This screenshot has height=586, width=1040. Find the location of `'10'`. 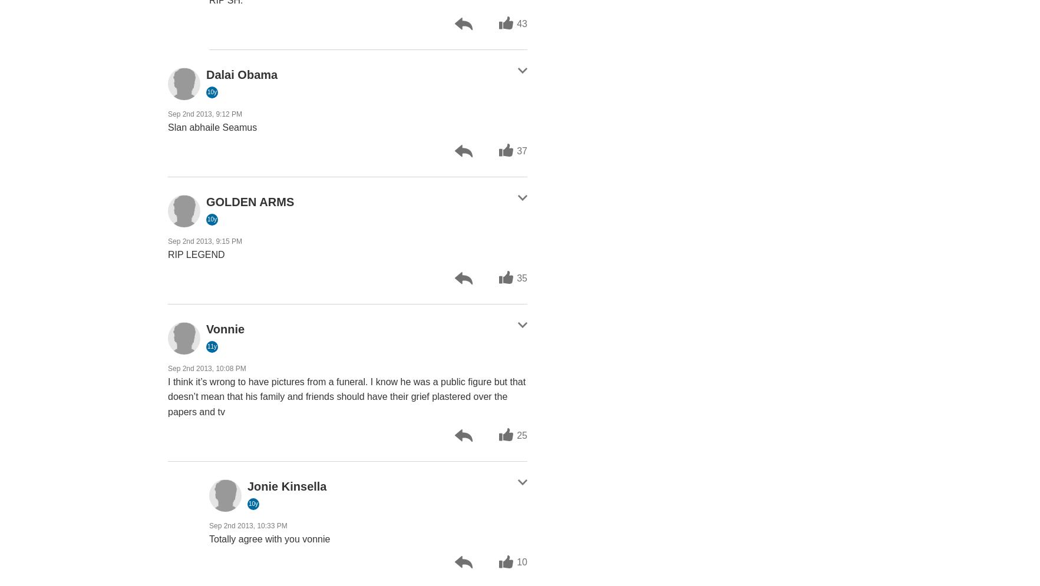

'10' is located at coordinates (522, 562).